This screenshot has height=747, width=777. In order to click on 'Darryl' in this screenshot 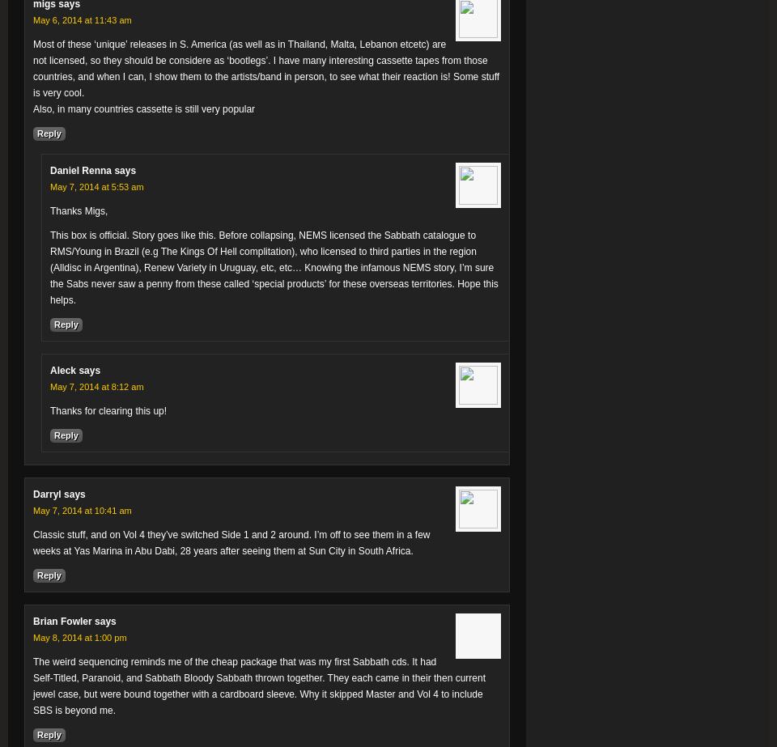, I will do `click(45, 494)`.